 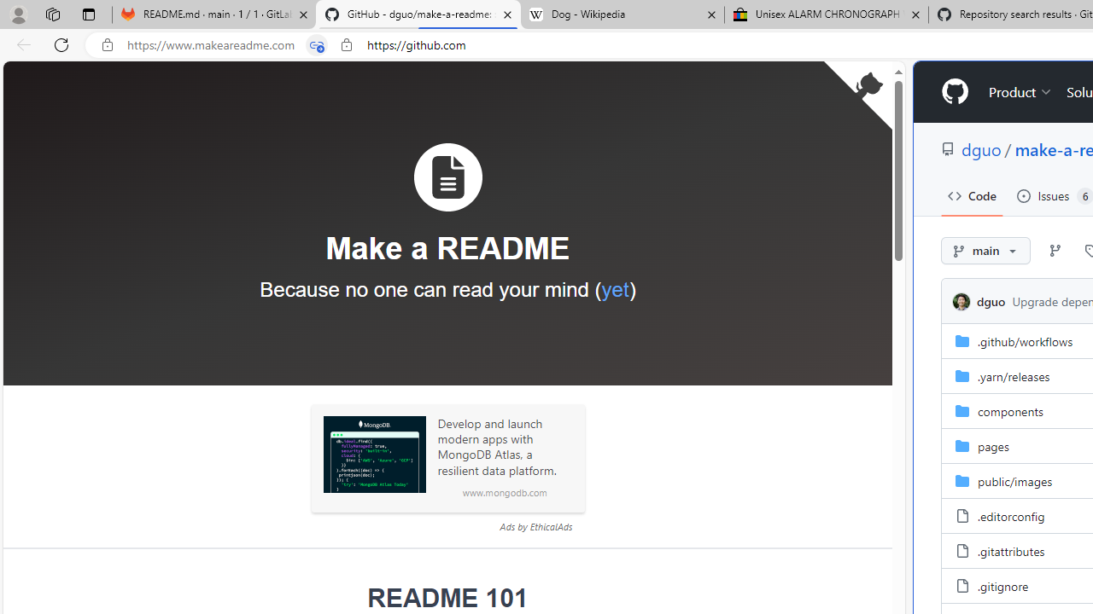 I want to click on 'pages, (Directory)', so click(x=993, y=444).